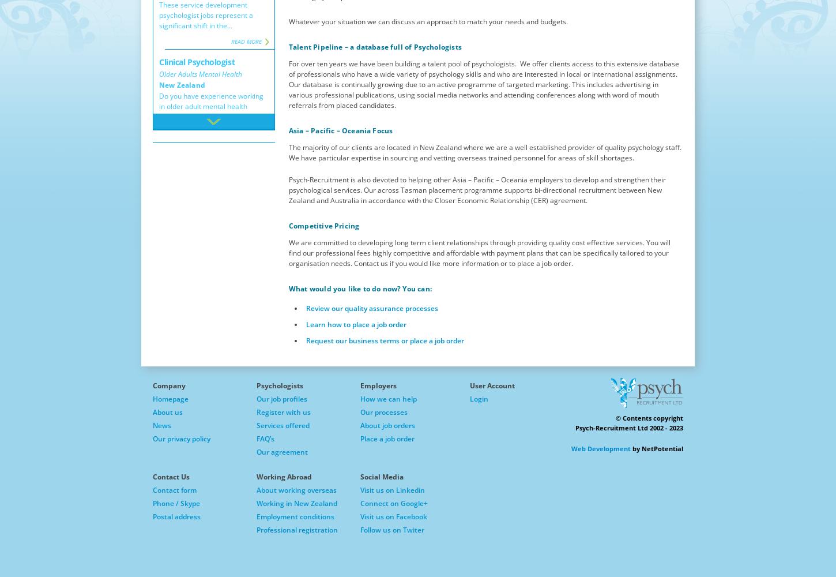 The height and width of the screenshot is (577, 836). What do you see at coordinates (210, 153) in the screenshot?
I see `'Interested in working with adults with severe mental illness, psychological distress and...'` at bounding box center [210, 153].